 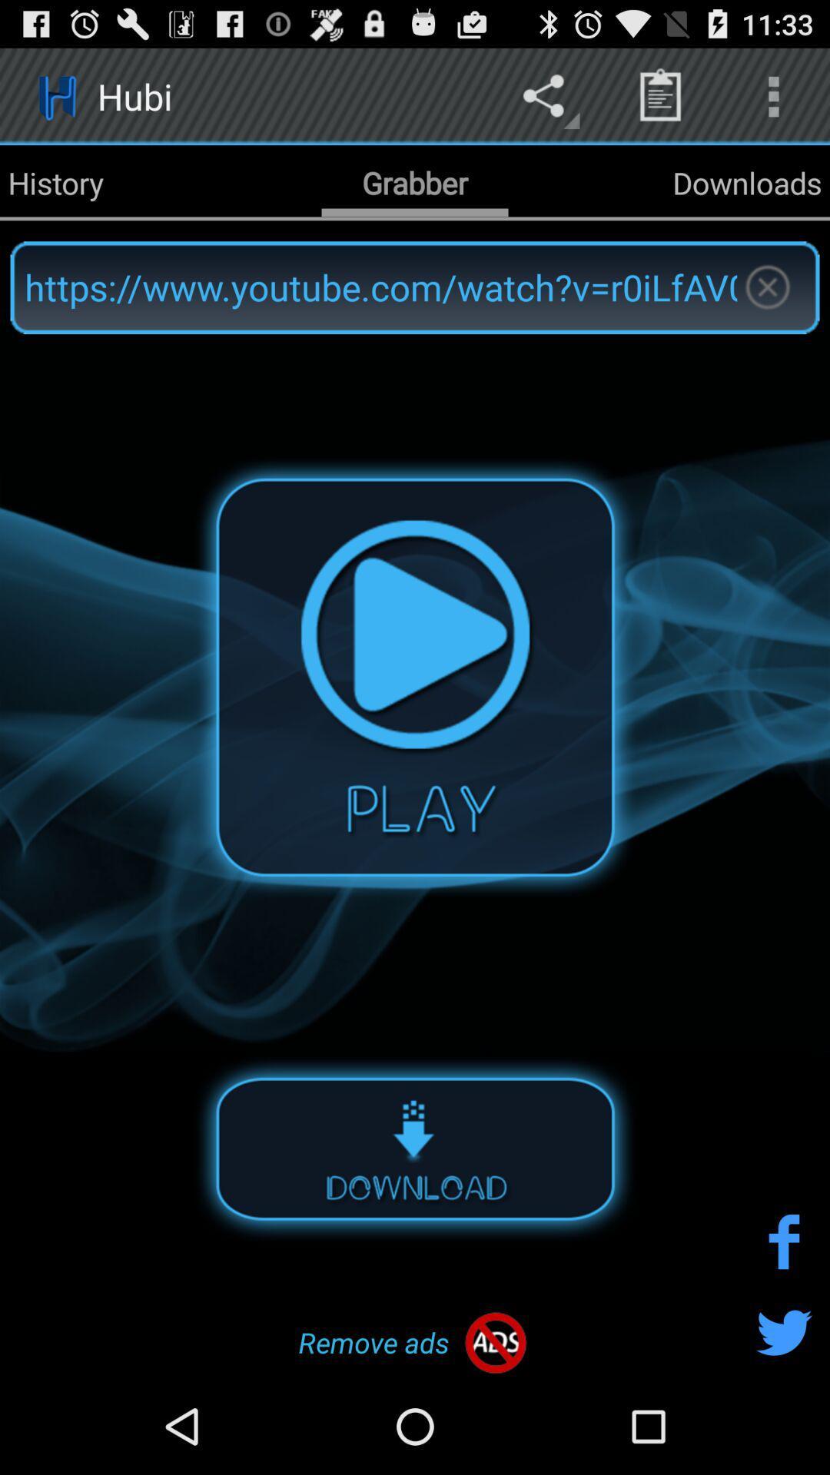 What do you see at coordinates (415, 676) in the screenshot?
I see `button` at bounding box center [415, 676].